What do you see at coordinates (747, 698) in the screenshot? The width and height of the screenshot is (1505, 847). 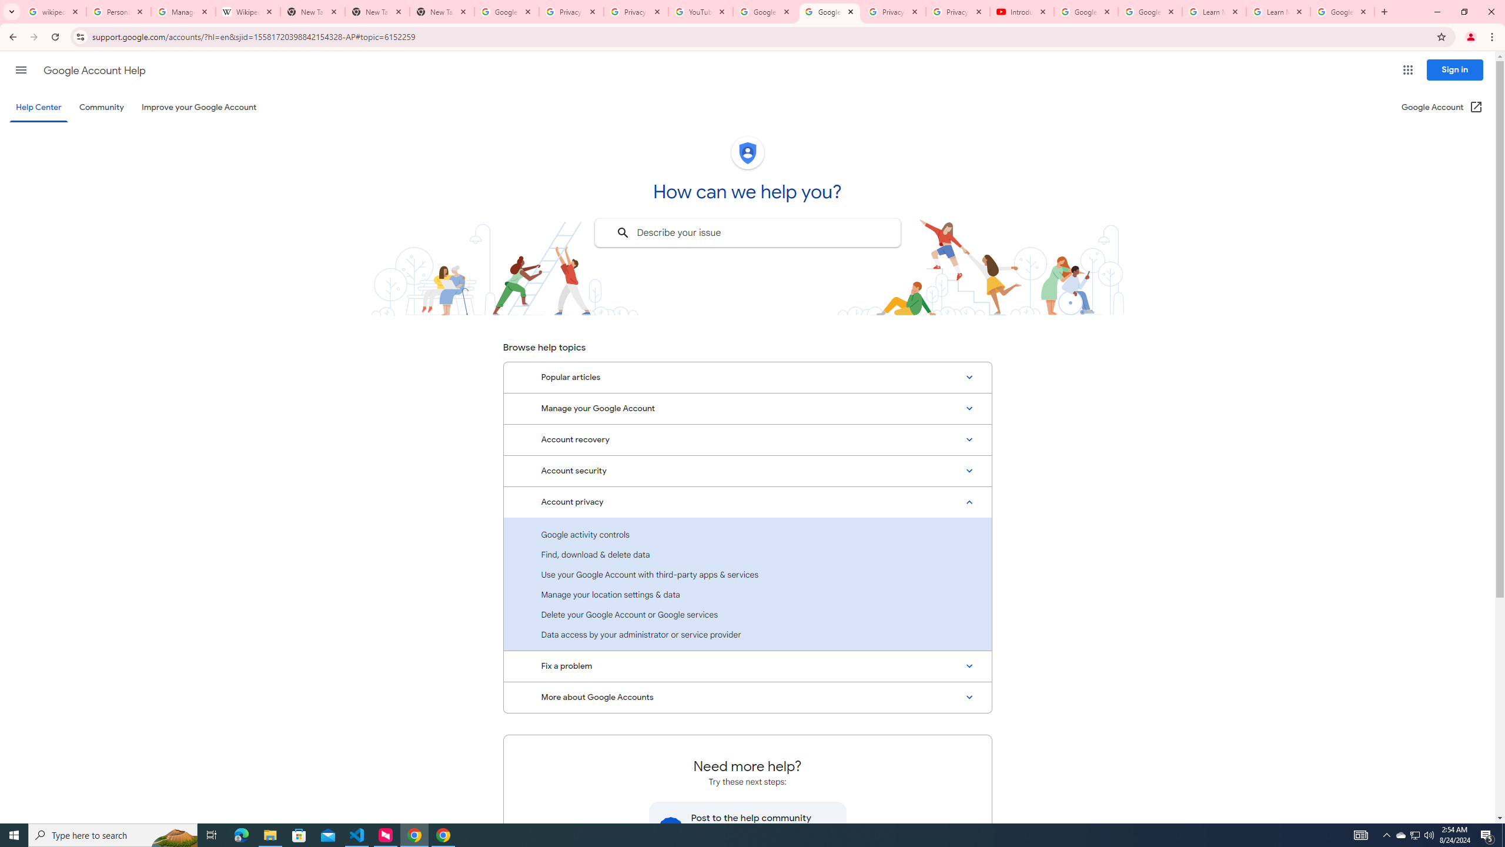 I see `'More about Google Accounts'` at bounding box center [747, 698].